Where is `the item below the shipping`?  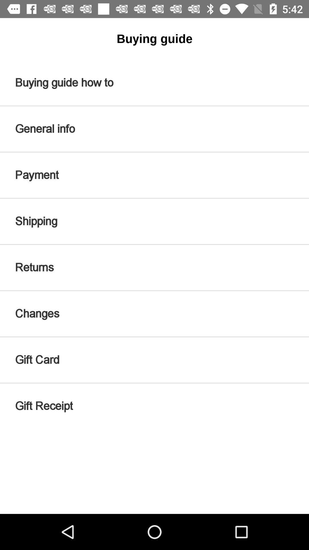
the item below the shipping is located at coordinates (154, 267).